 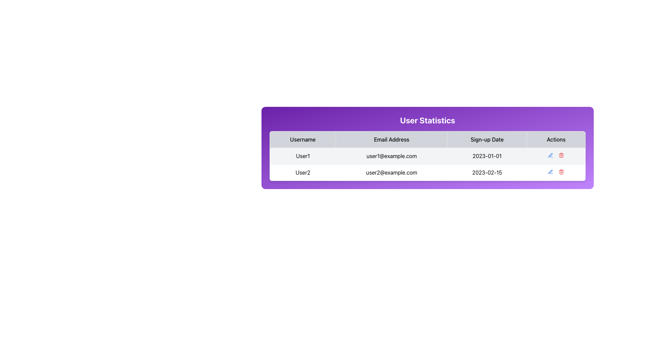 I want to click on the Table Header Cell containing the text 'Username' with a grey background, so click(x=302, y=139).